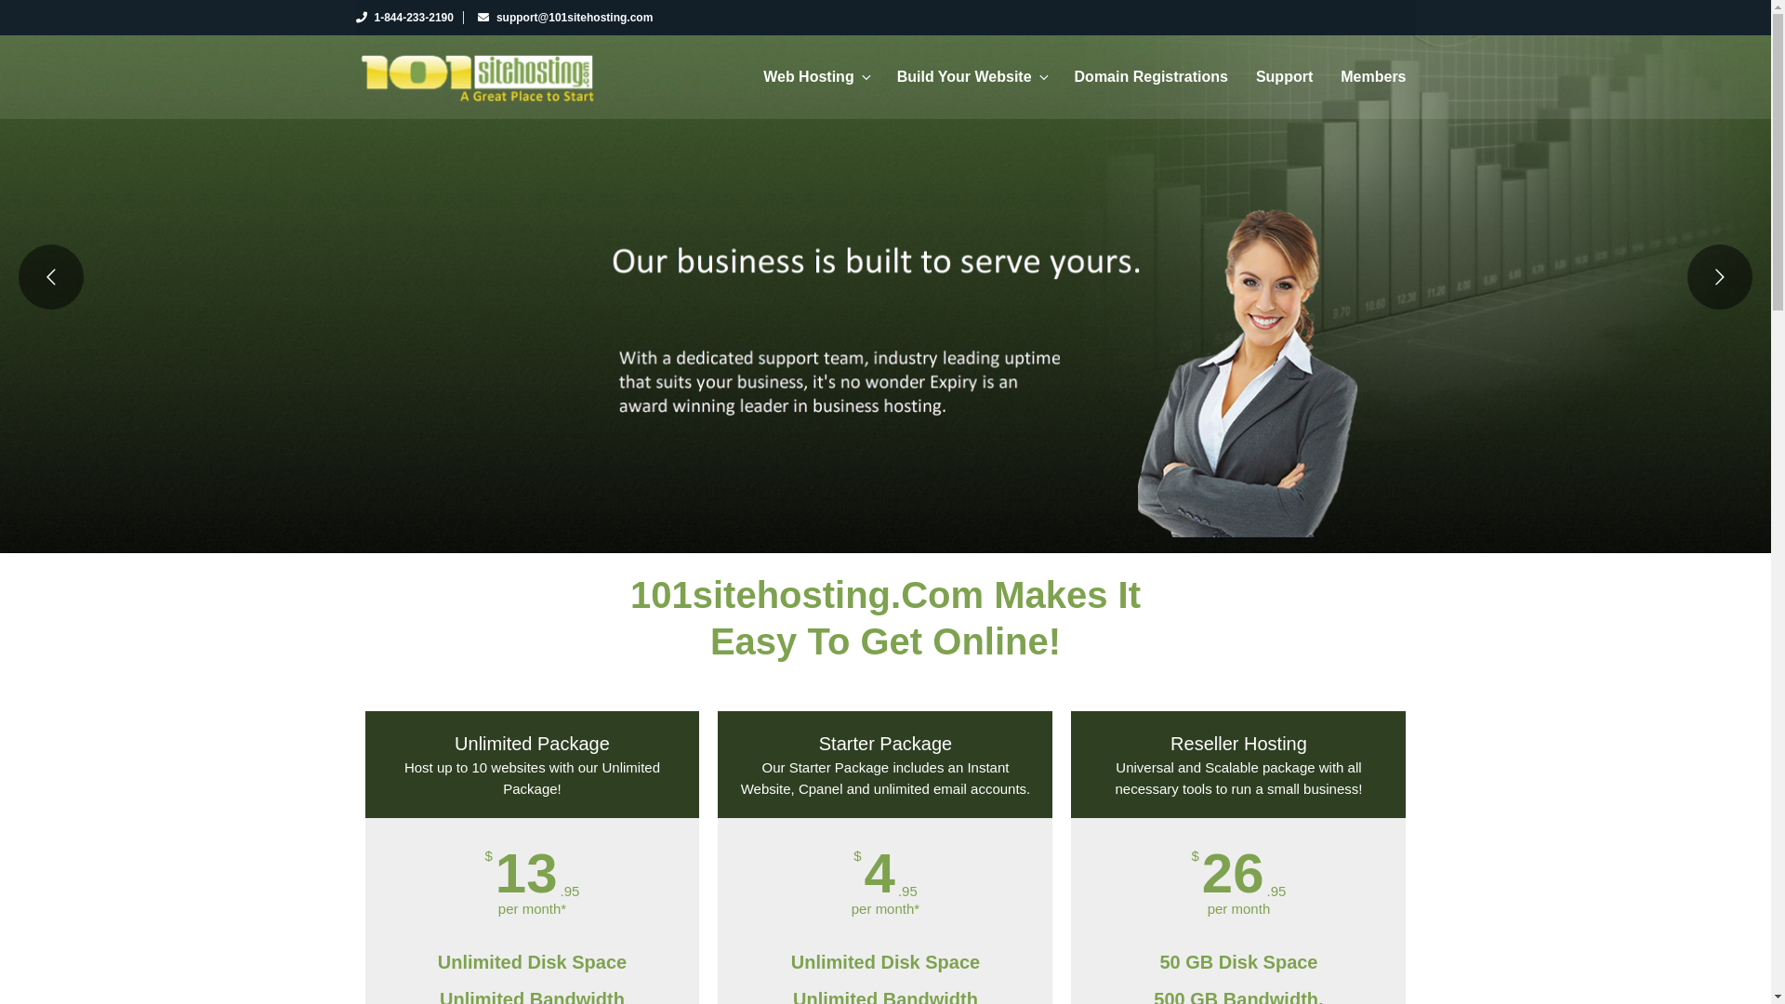 The width and height of the screenshot is (1785, 1004). Describe the element at coordinates (564, 18) in the screenshot. I see `'support@101sitehosting.com'` at that location.